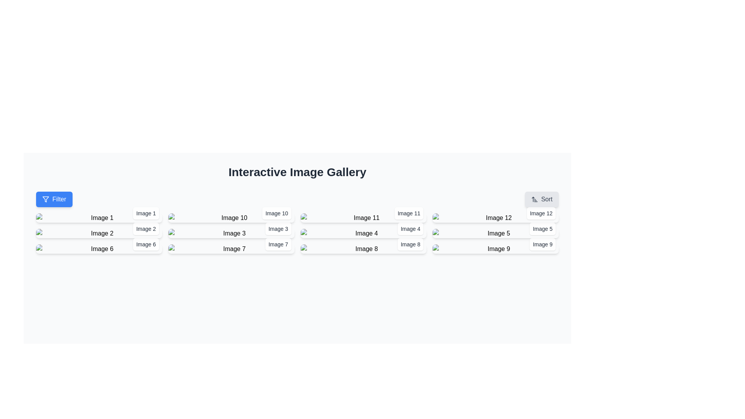  What do you see at coordinates (410, 244) in the screenshot?
I see `the text label displaying the title or caption of the image thumbnail labeled 'Image 8', located in the bottom-right corner of the thumbnail in the second row, fourth column of the gallery` at bounding box center [410, 244].